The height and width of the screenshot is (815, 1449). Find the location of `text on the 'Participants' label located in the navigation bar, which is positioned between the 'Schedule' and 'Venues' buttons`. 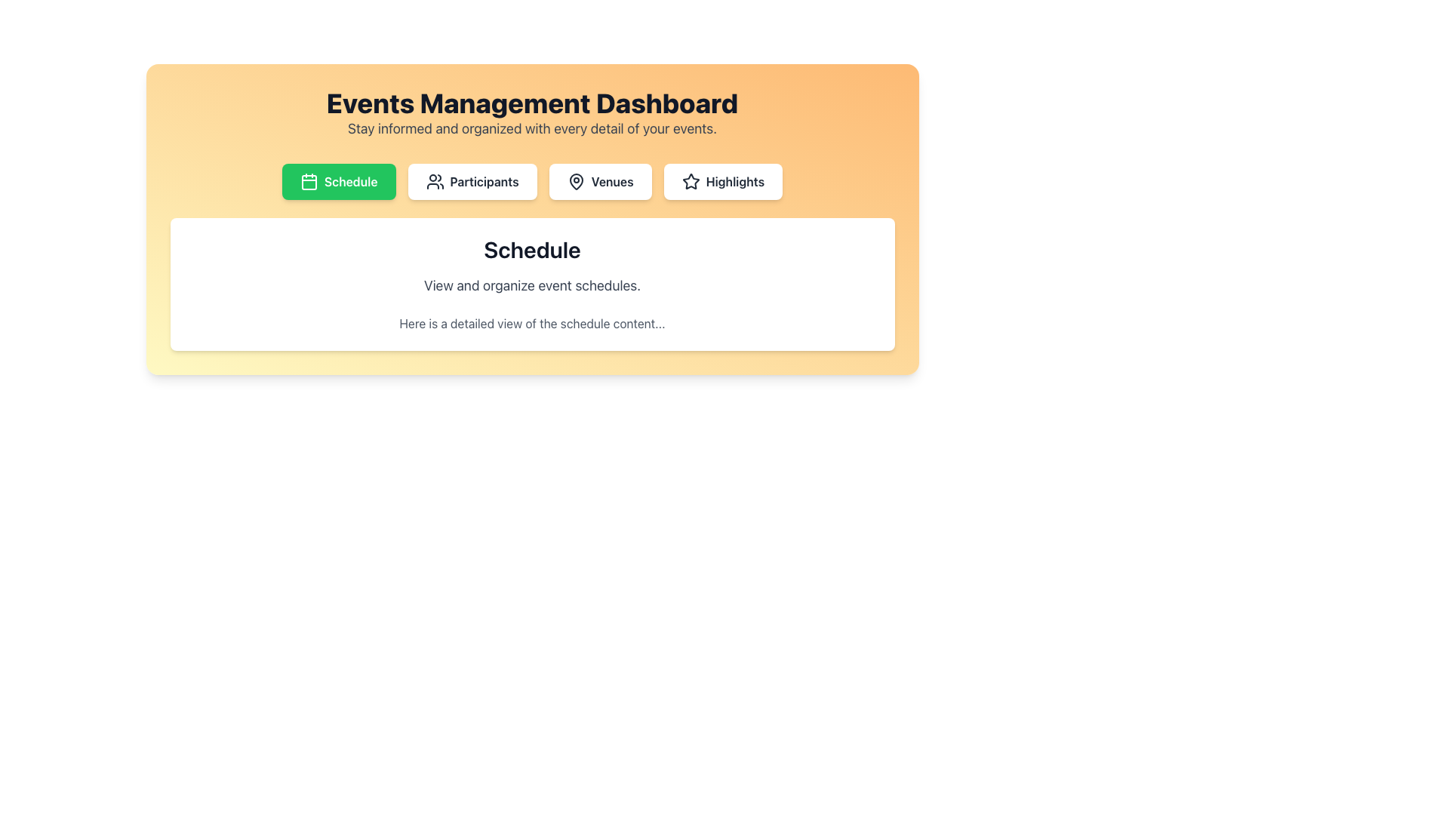

text on the 'Participants' label located in the navigation bar, which is positioned between the 'Schedule' and 'Venues' buttons is located at coordinates (485, 180).